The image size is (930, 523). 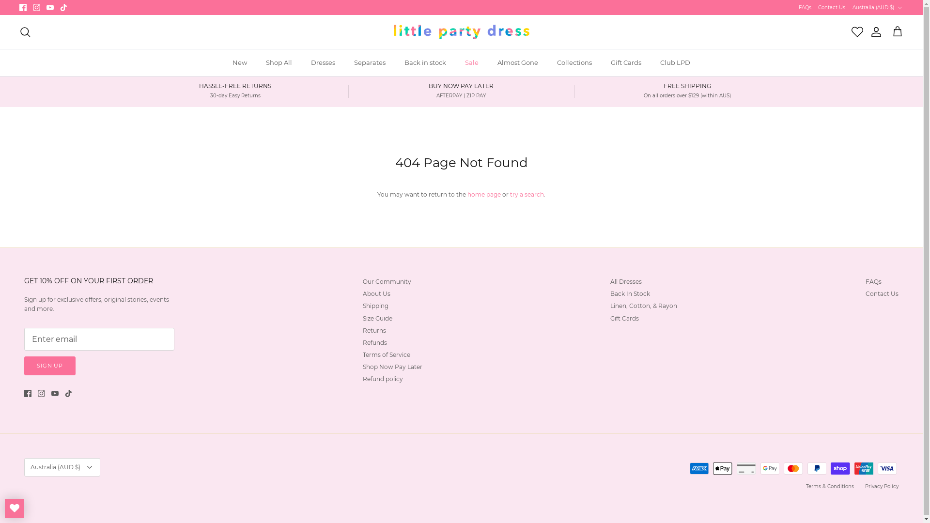 I want to click on 'Separates', so click(x=369, y=63).